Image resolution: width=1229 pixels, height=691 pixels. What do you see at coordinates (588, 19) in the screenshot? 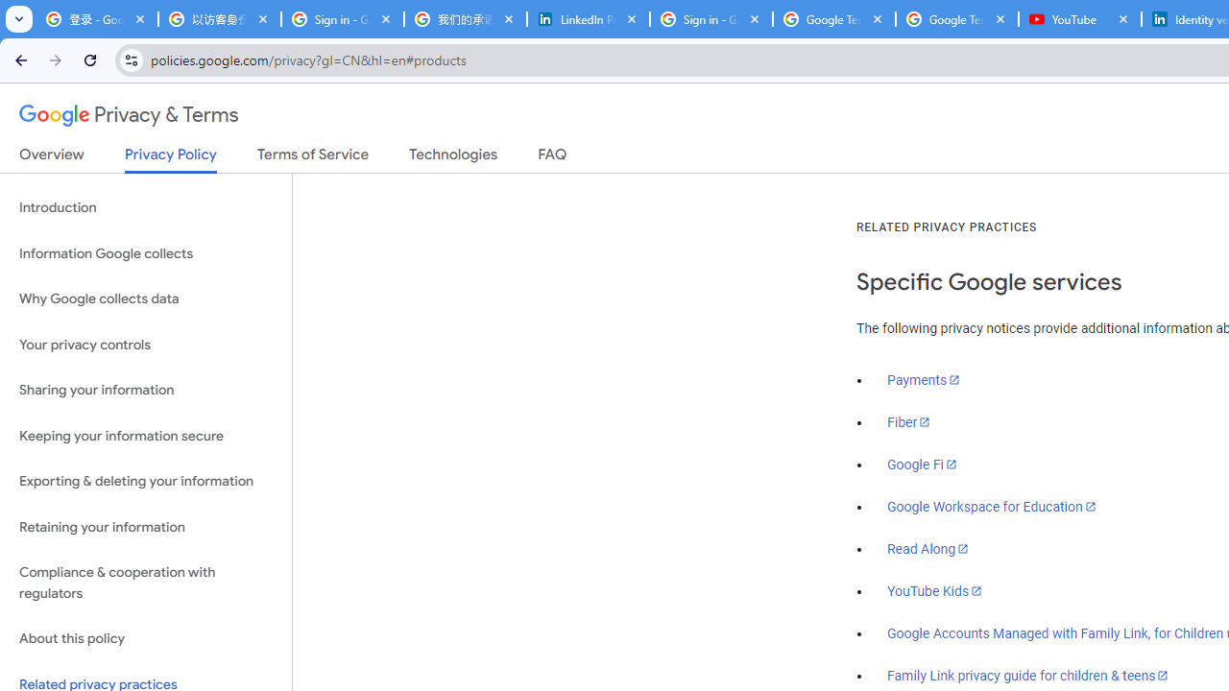
I see `'LinkedIn Privacy Policy'` at bounding box center [588, 19].